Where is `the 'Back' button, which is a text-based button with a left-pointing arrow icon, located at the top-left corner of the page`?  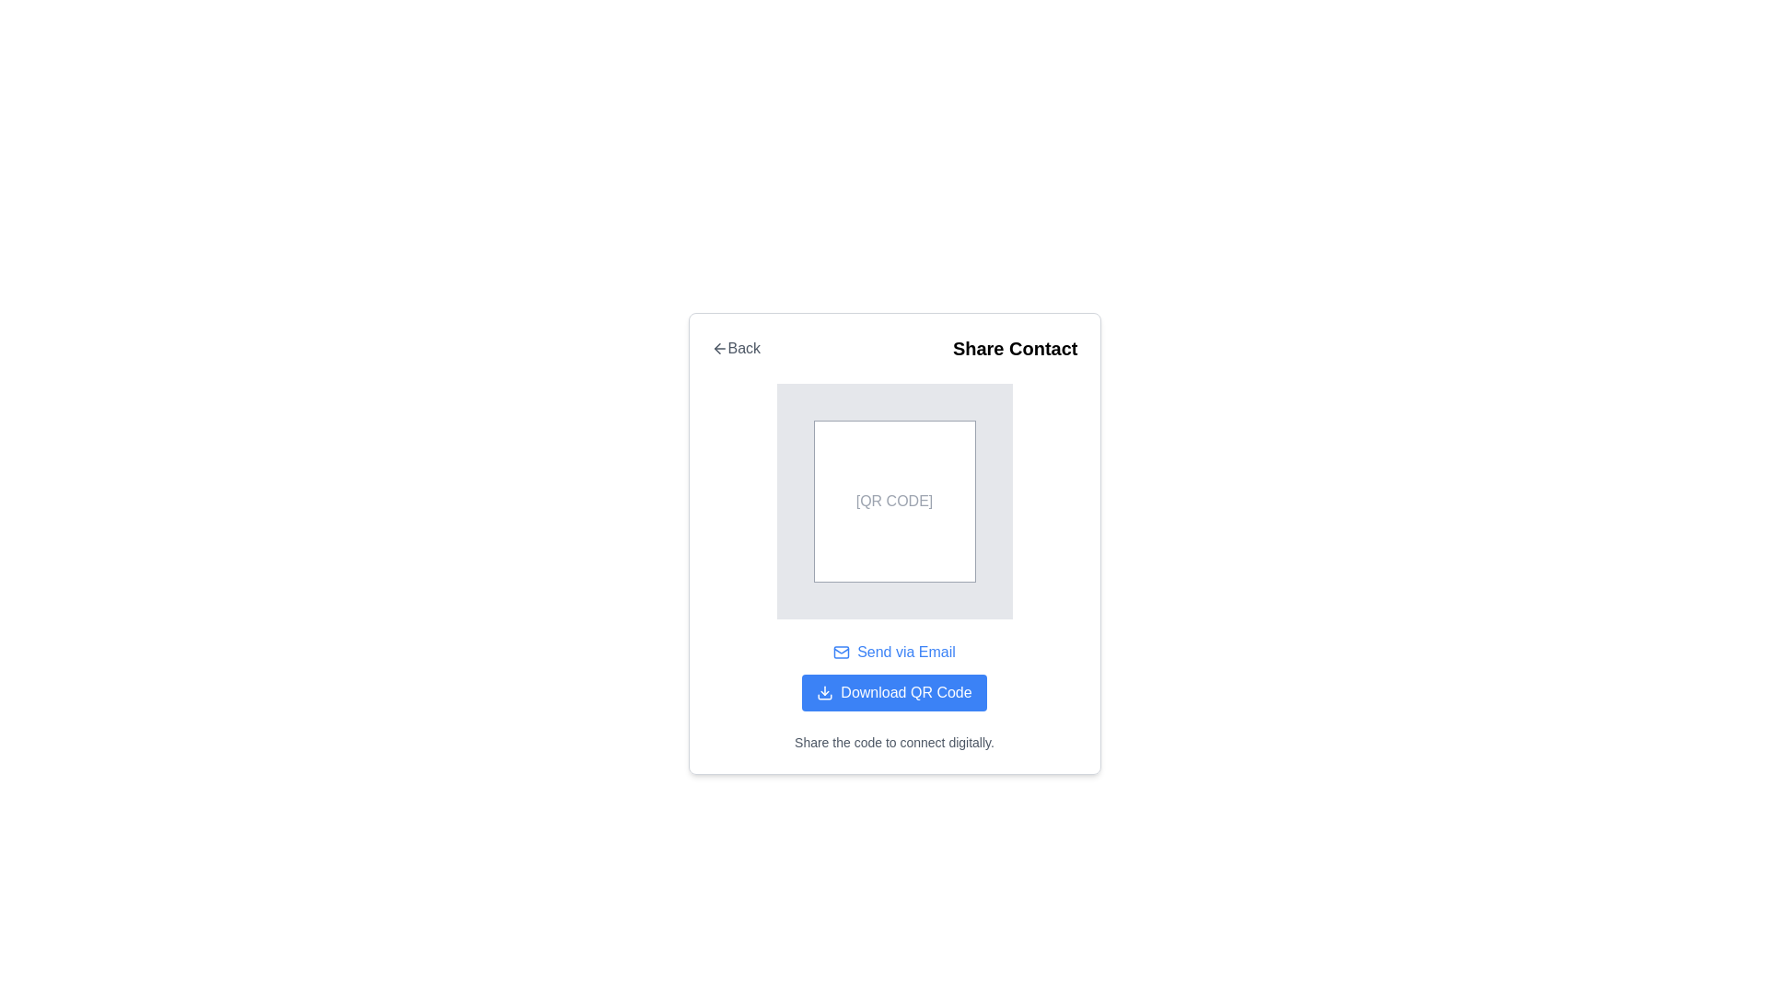 the 'Back' button, which is a text-based button with a left-pointing arrow icon, located at the top-left corner of the page is located at coordinates (735, 348).